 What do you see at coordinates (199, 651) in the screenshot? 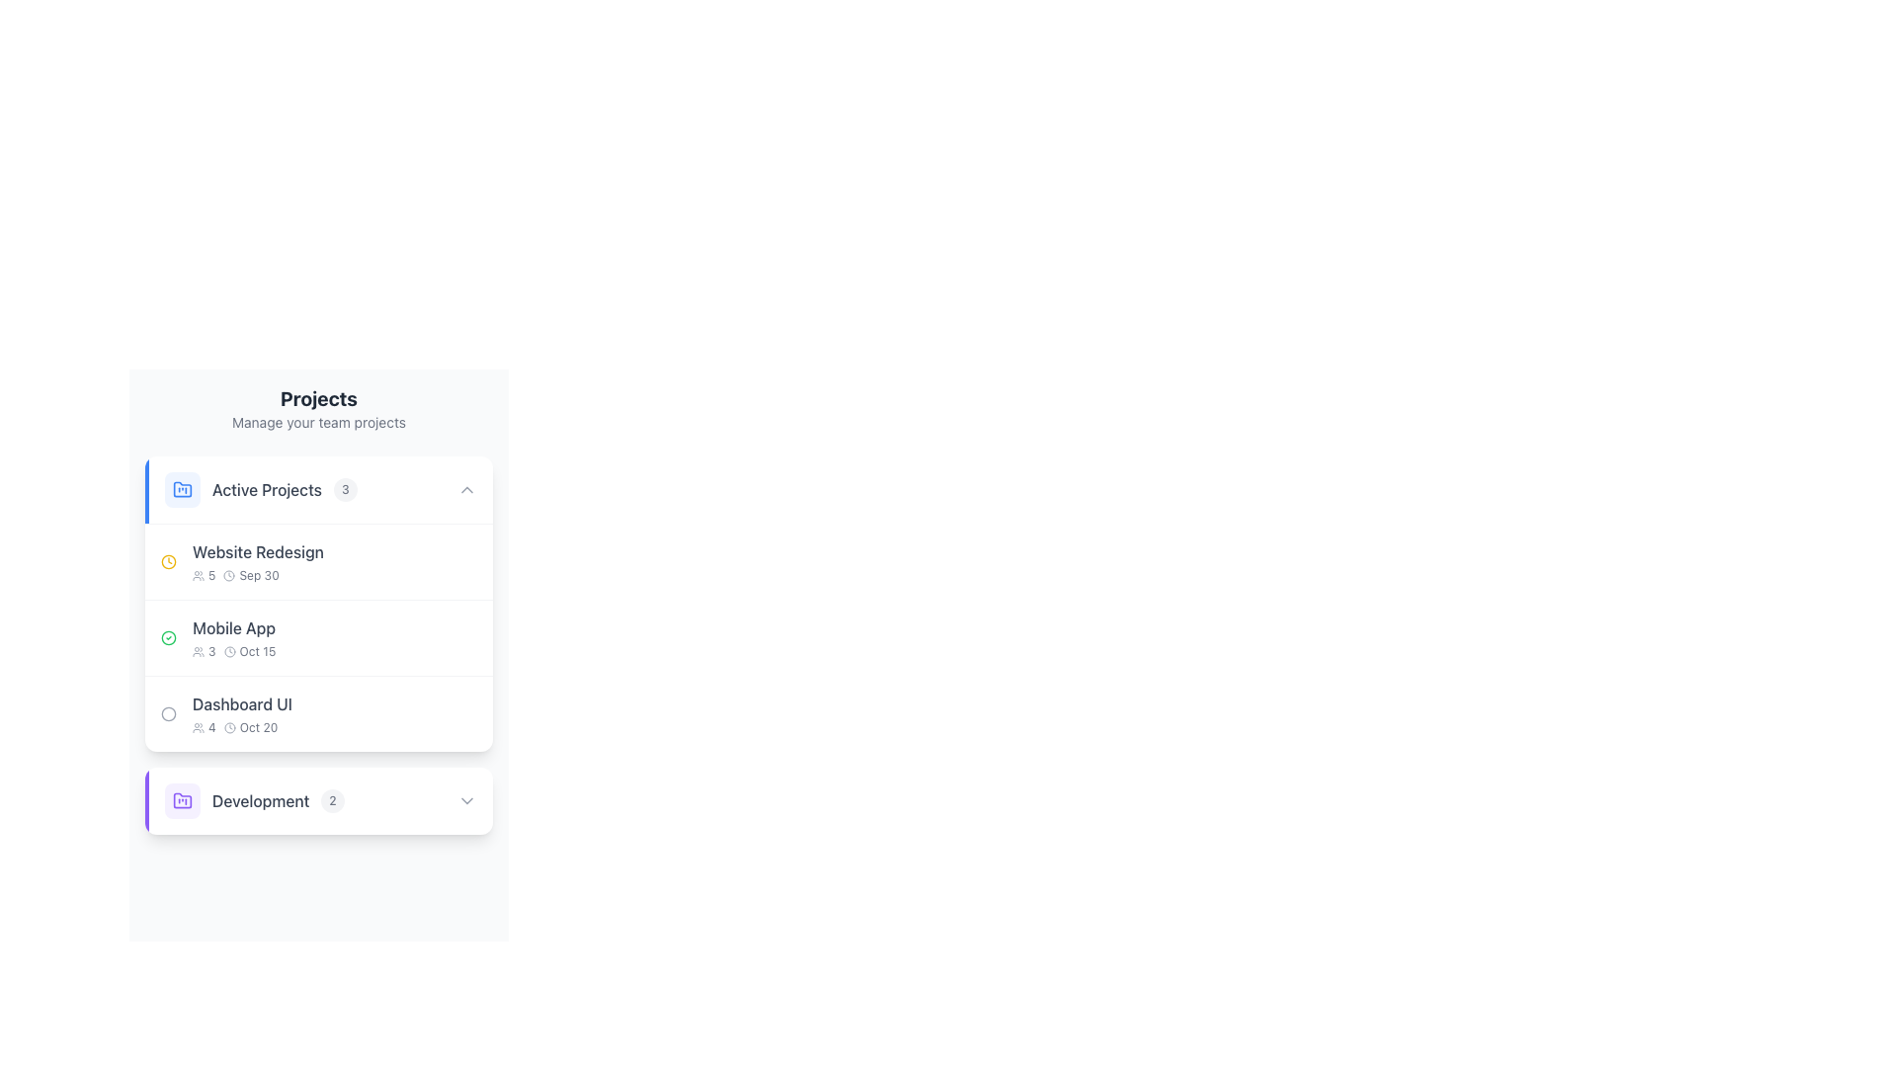
I see `the group of people icon, which is a minimalist SVG-based vector icon in muted gray, located to the left of the number '3' in the 'Active Projects' section` at bounding box center [199, 651].